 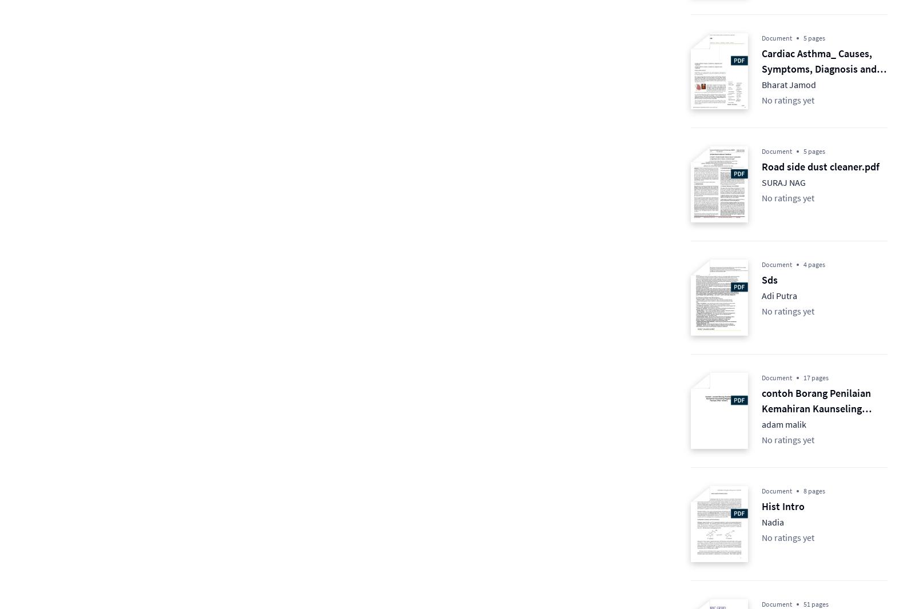 I want to click on 'Adi Putra', so click(x=779, y=294).